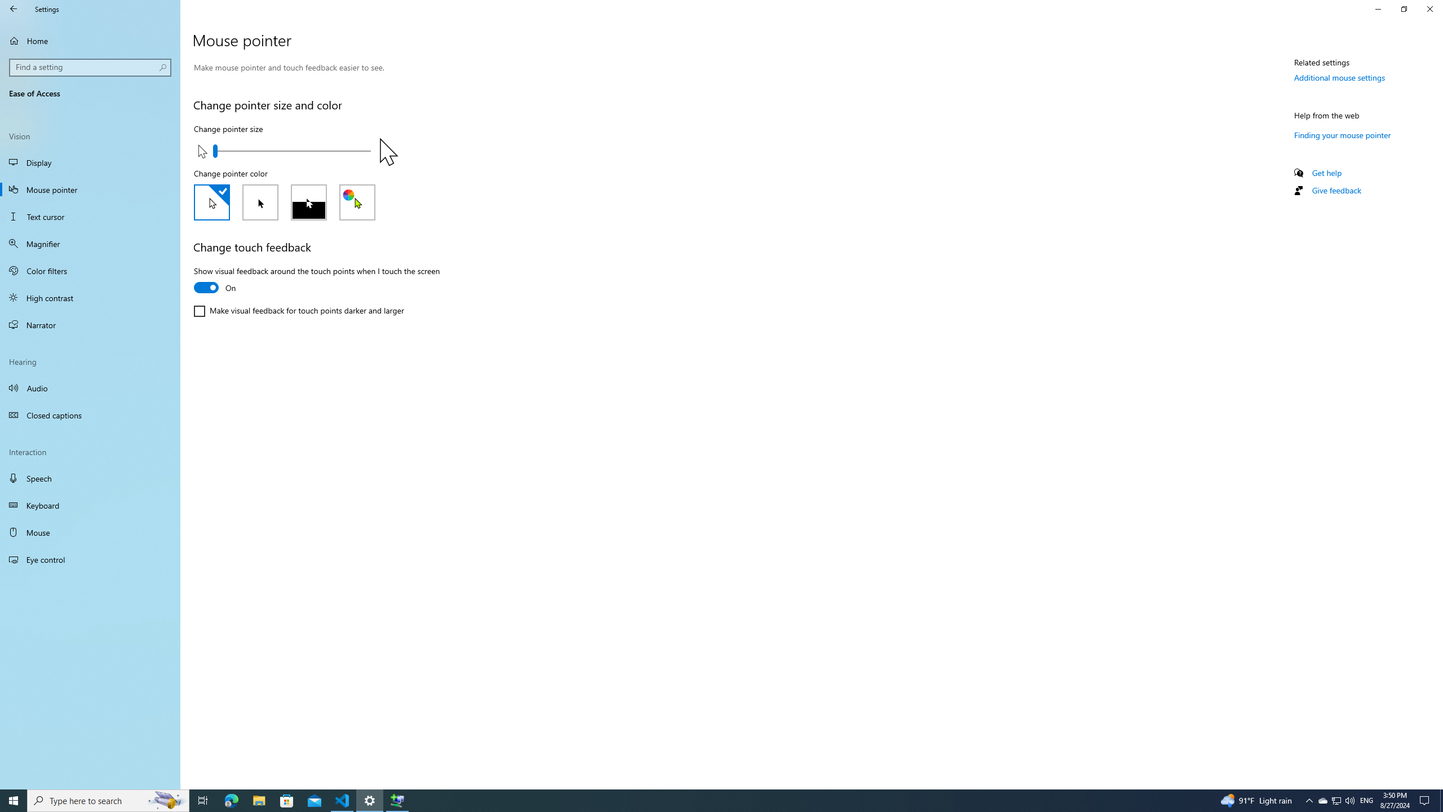 Image resolution: width=1443 pixels, height=812 pixels. What do you see at coordinates (1335, 190) in the screenshot?
I see `'Give feedback'` at bounding box center [1335, 190].